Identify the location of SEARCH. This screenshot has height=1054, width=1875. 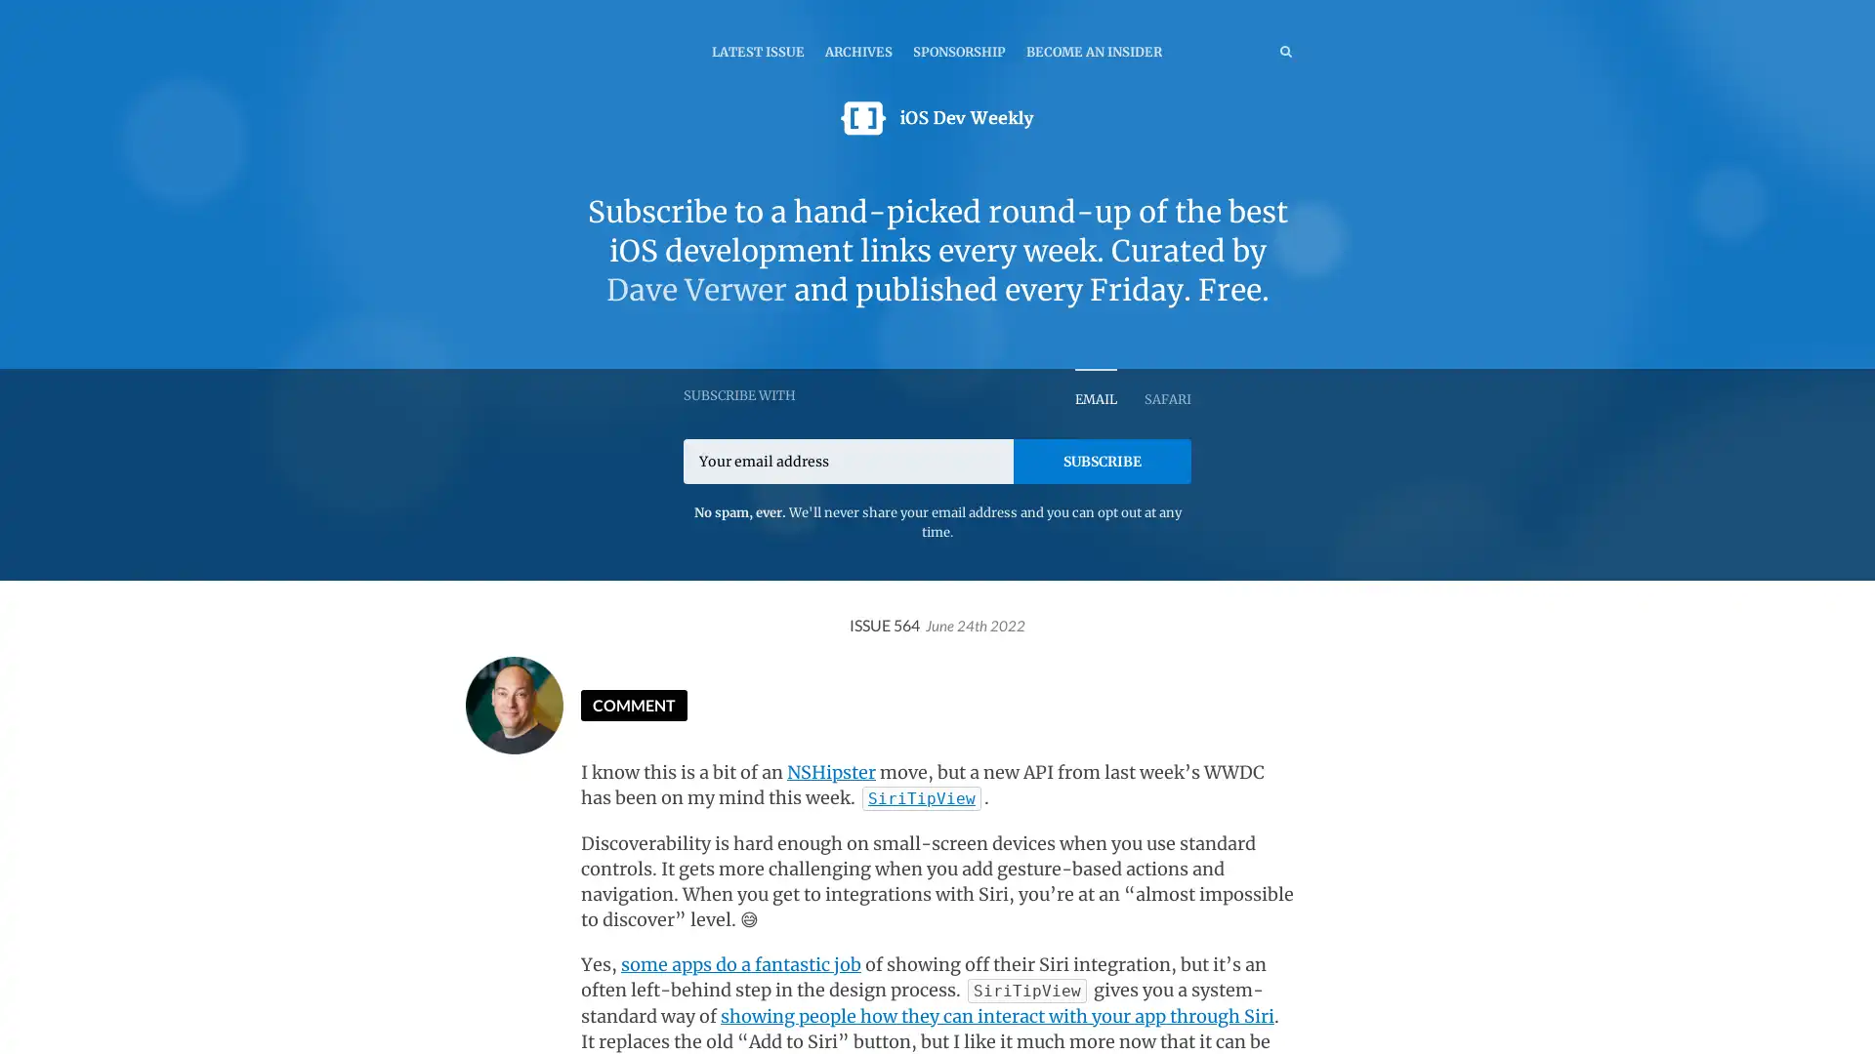
(1244, 50).